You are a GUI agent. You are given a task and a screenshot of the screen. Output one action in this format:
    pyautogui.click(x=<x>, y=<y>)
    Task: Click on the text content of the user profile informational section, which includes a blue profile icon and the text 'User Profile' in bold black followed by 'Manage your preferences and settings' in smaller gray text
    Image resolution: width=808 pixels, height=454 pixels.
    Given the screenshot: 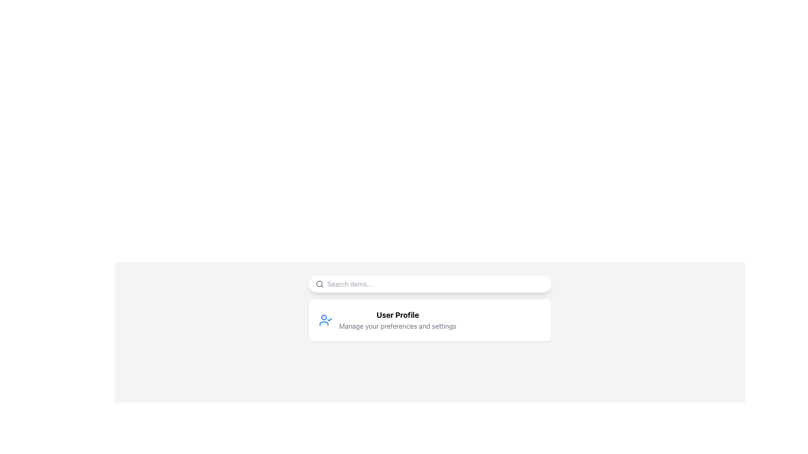 What is the action you would take?
    pyautogui.click(x=430, y=320)
    